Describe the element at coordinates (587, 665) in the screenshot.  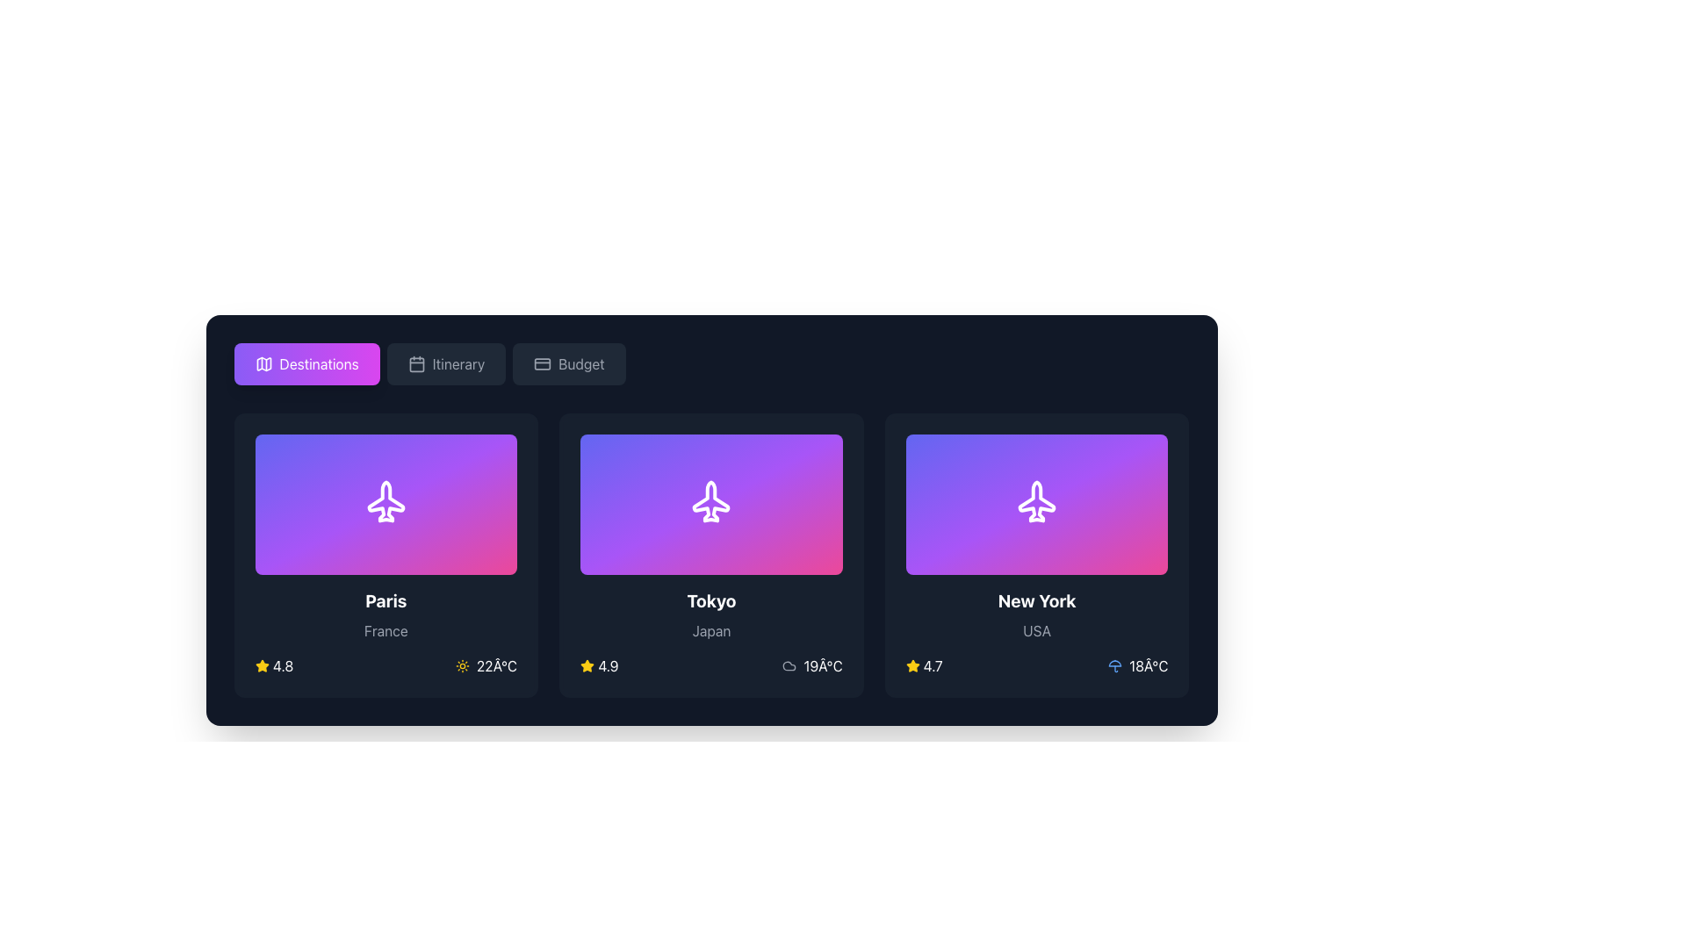
I see `the yellow star icon representing user ratings located at the bottom left corner of the 'Paris' card` at that location.